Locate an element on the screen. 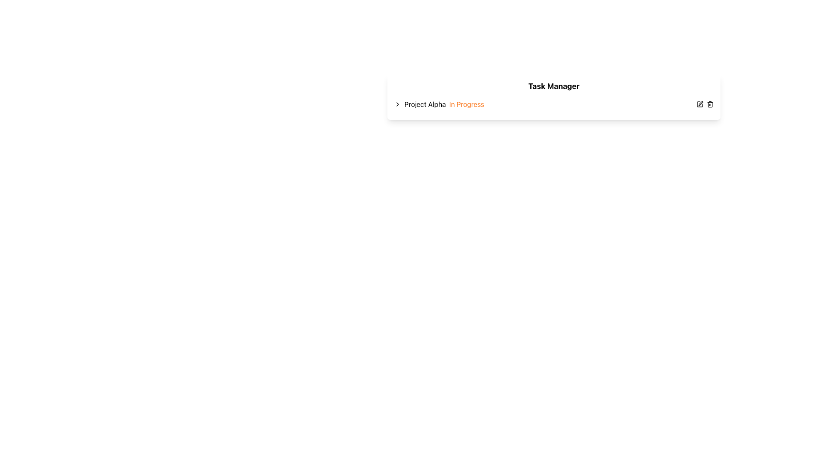 This screenshot has width=821, height=462. the trash icon, which is a curved rectangular shape resembling a trash bin is located at coordinates (710, 104).